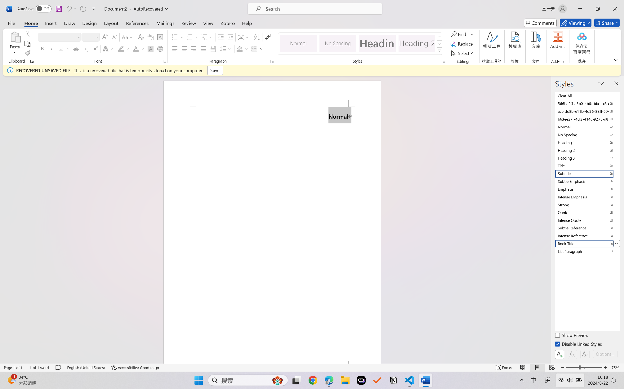 Image resolution: width=624 pixels, height=389 pixels. What do you see at coordinates (587, 189) in the screenshot?
I see `'Emphasis'` at bounding box center [587, 189].